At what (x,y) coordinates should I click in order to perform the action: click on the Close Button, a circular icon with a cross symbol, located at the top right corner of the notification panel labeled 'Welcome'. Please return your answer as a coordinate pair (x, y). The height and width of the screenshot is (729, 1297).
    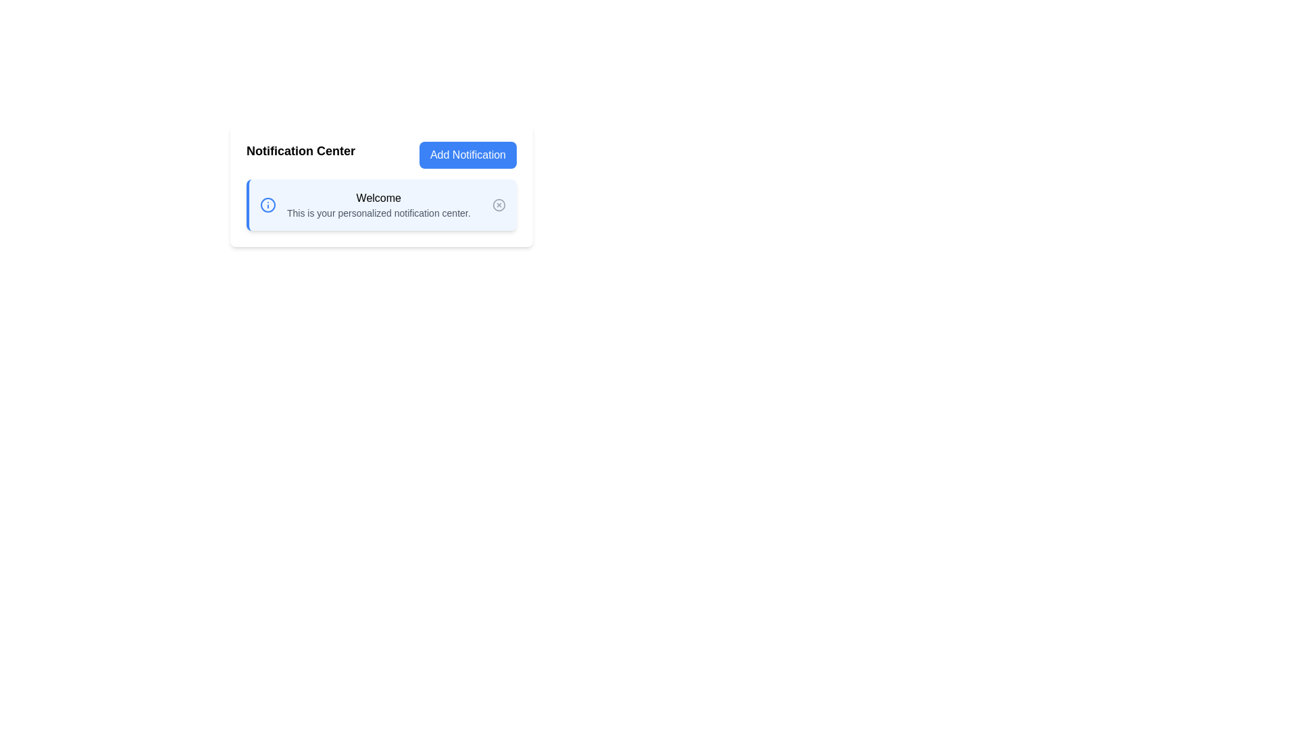
    Looking at the image, I should click on (499, 205).